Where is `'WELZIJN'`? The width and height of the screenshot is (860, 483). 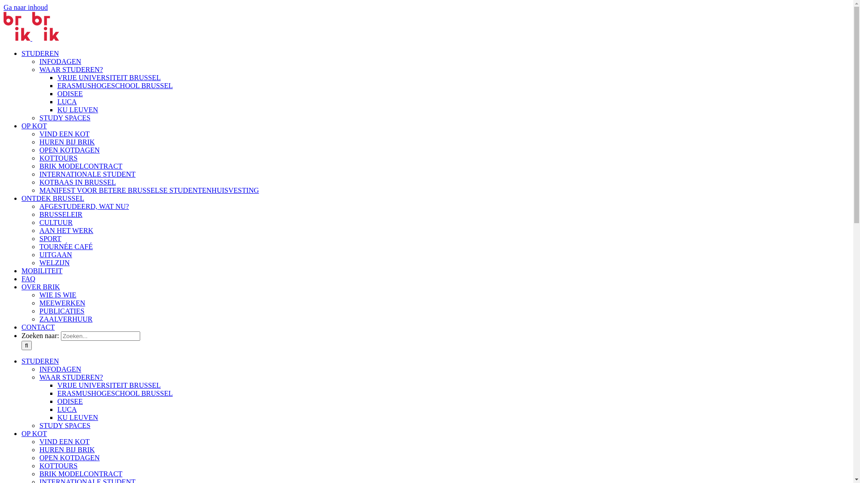 'WELZIJN' is located at coordinates (54, 262).